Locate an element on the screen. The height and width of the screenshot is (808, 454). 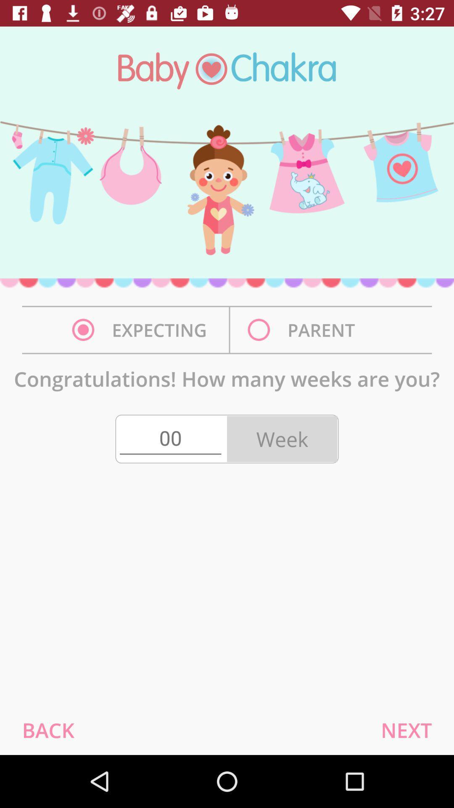
the icon to the left of next is located at coordinates (48, 730).